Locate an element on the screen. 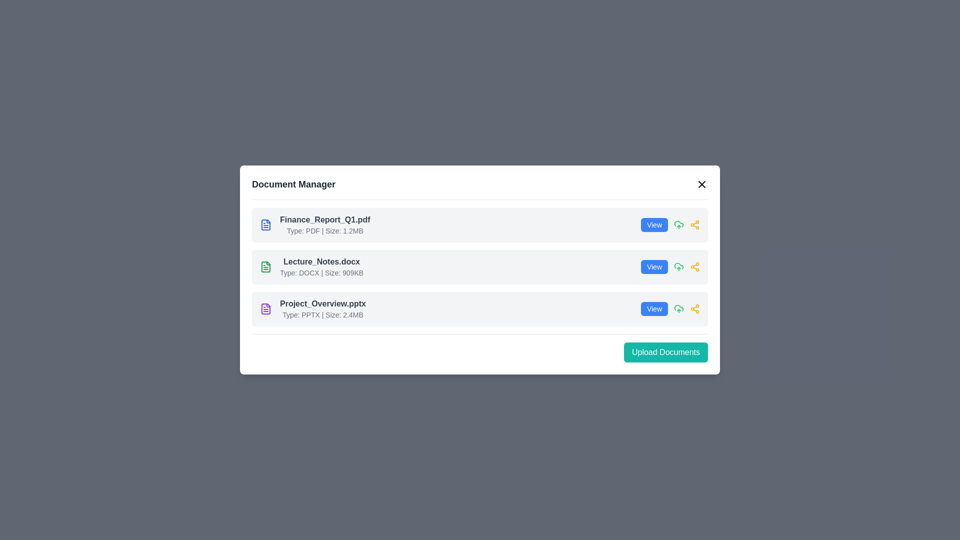 This screenshot has height=540, width=960. the upload icon located to the right of the 'View' button in the last row of the document list for 'Project_Overview.pptx' is located at coordinates (679, 308).